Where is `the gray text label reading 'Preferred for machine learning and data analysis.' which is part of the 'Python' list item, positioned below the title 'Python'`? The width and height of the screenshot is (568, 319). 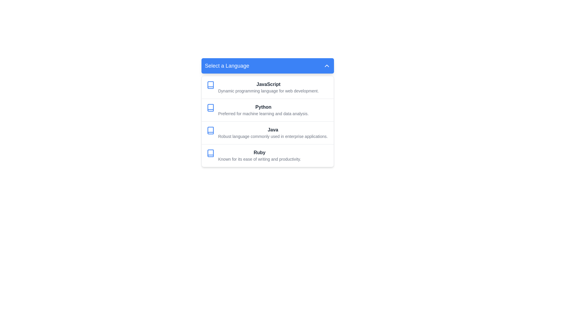
the gray text label reading 'Preferred for machine learning and data analysis.' which is part of the 'Python' list item, positioned below the title 'Python' is located at coordinates (263, 114).